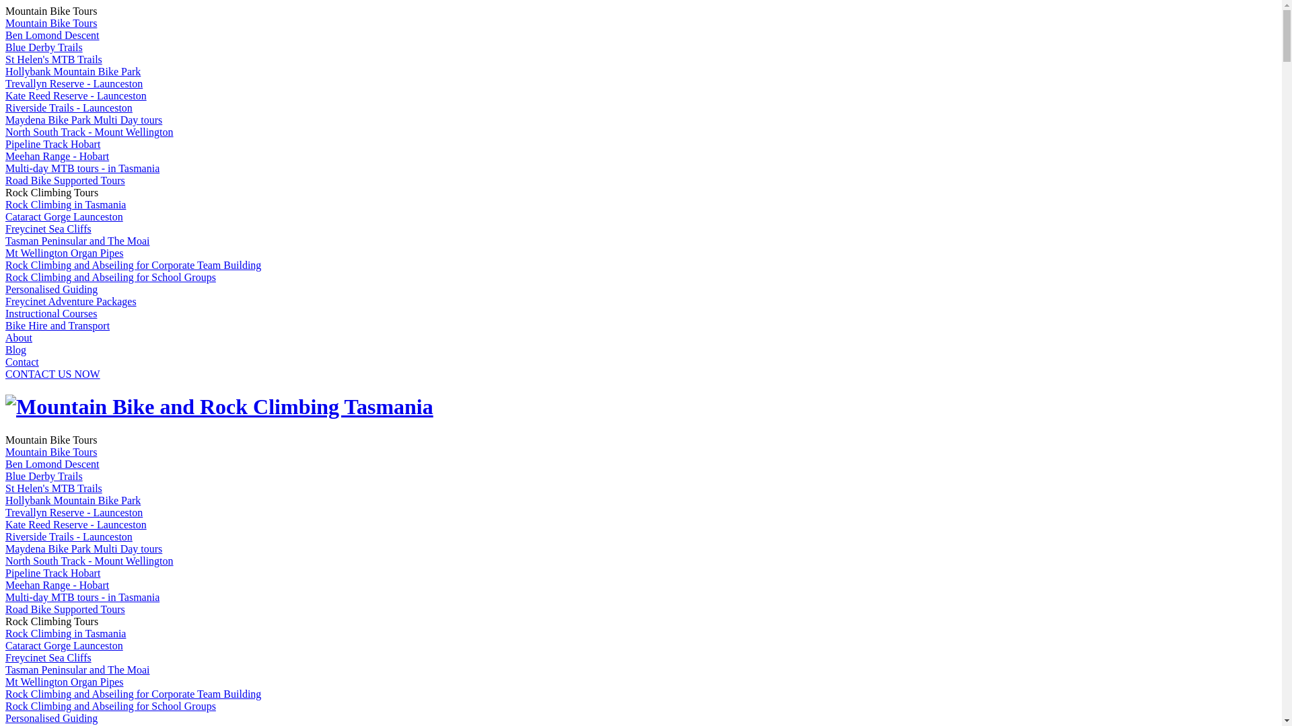 This screenshot has height=726, width=1292. Describe the element at coordinates (133, 265) in the screenshot. I see `'Rock Climbing and Abseiling for Corporate Team Building'` at that location.